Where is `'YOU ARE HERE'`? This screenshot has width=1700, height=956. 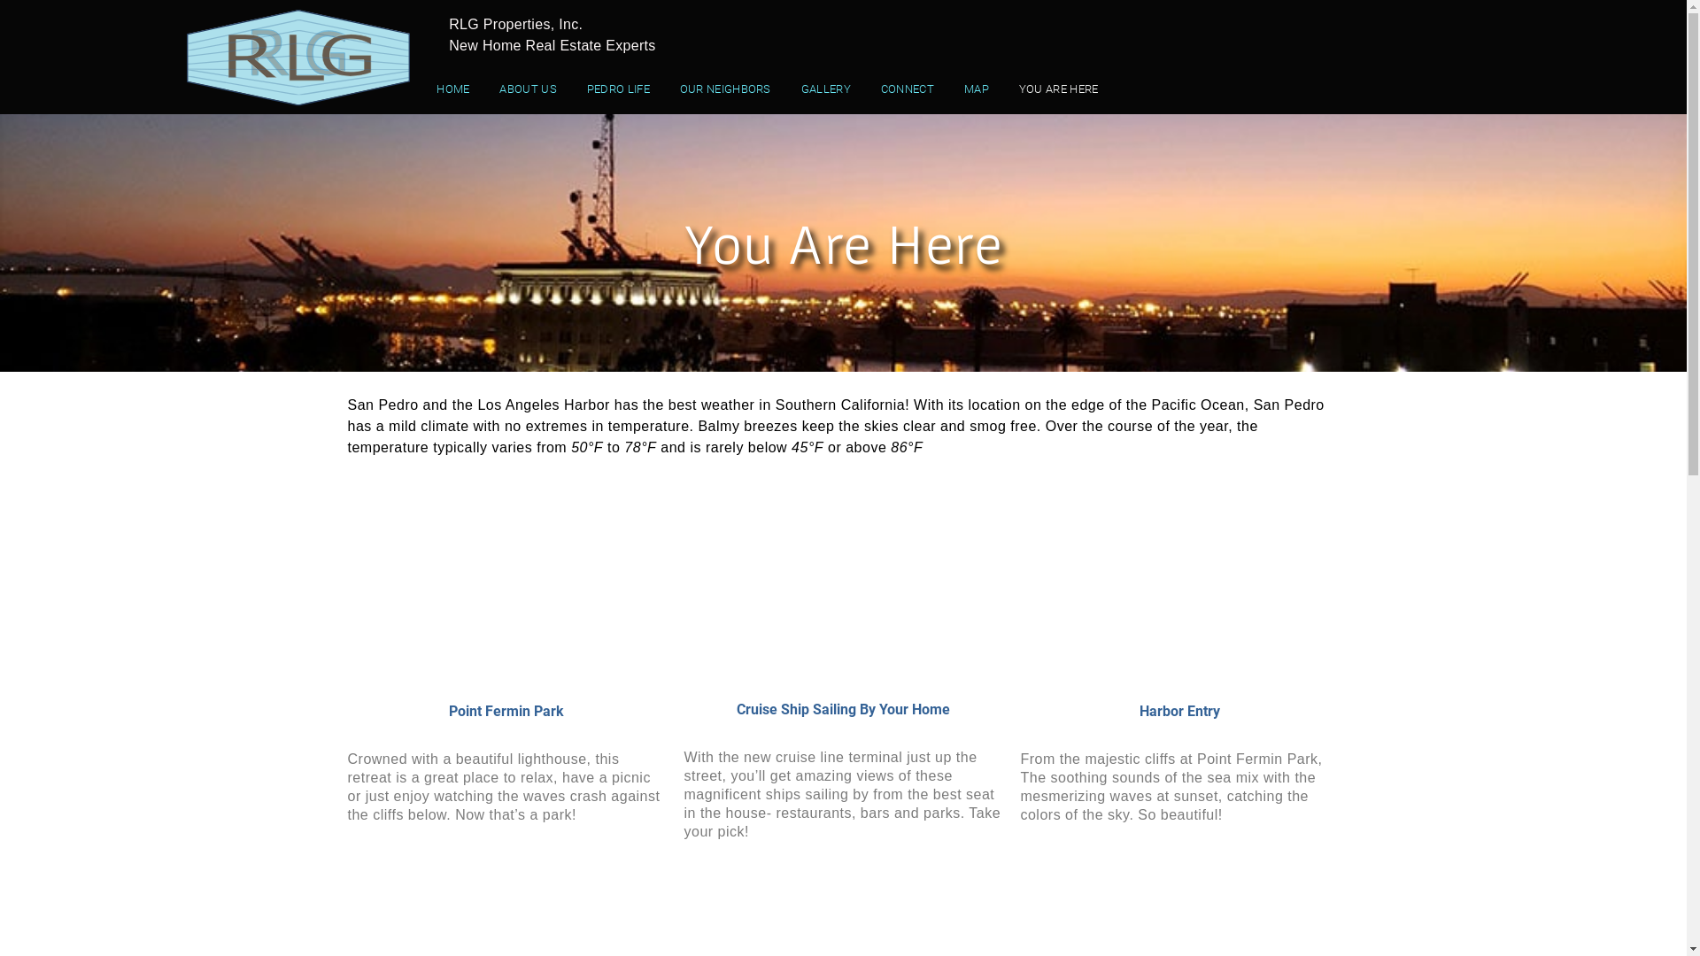 'YOU ARE HERE' is located at coordinates (1058, 89).